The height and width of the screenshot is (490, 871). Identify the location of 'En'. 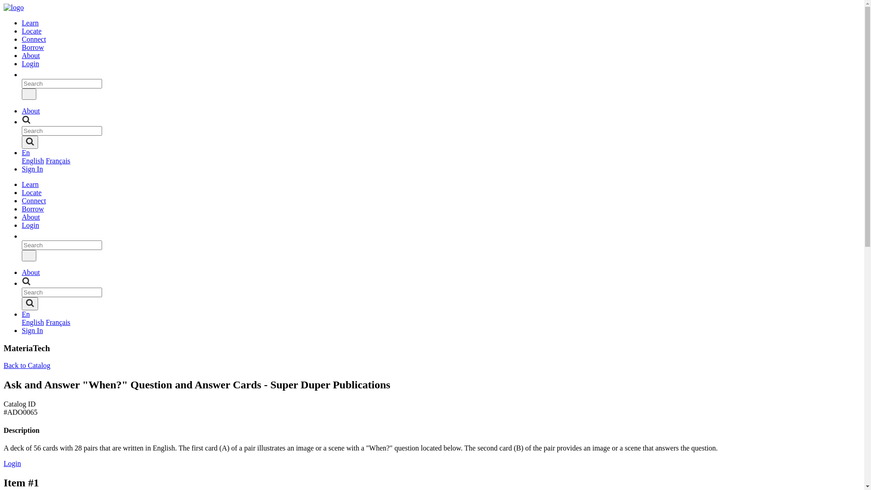
(22, 314).